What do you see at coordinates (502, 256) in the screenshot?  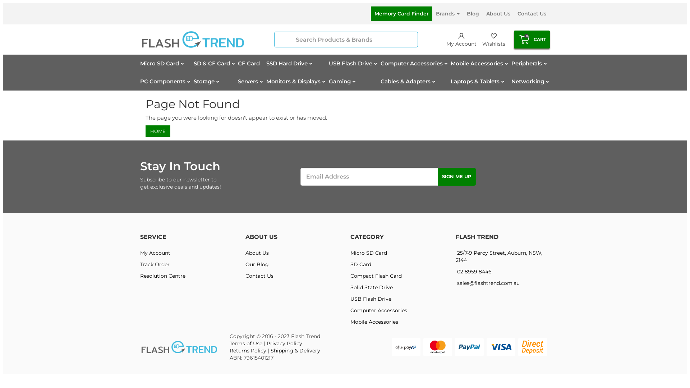 I see `'25/7-9 Percy Street, Auburn, NSW, 2144'` at bounding box center [502, 256].